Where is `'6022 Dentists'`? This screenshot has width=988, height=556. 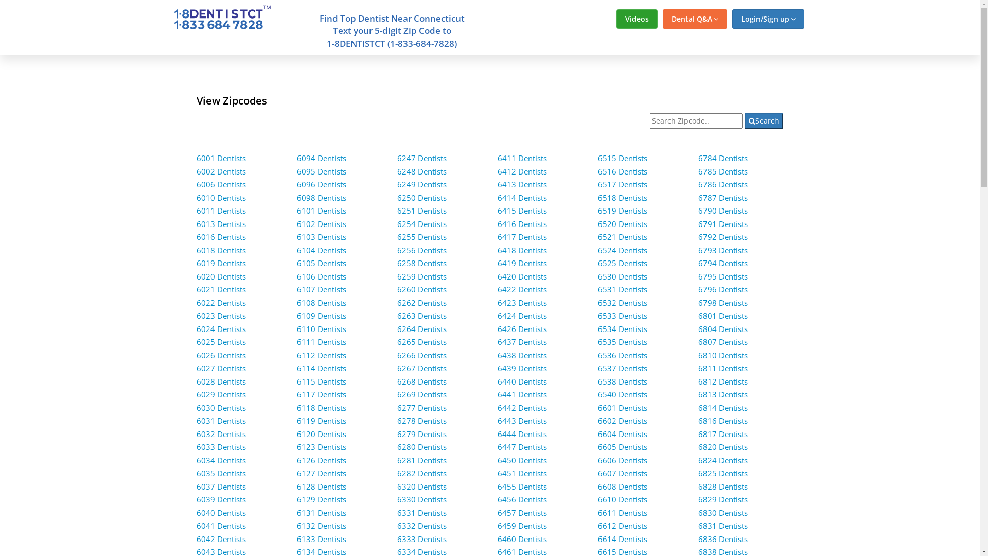 '6022 Dentists' is located at coordinates (221, 302).